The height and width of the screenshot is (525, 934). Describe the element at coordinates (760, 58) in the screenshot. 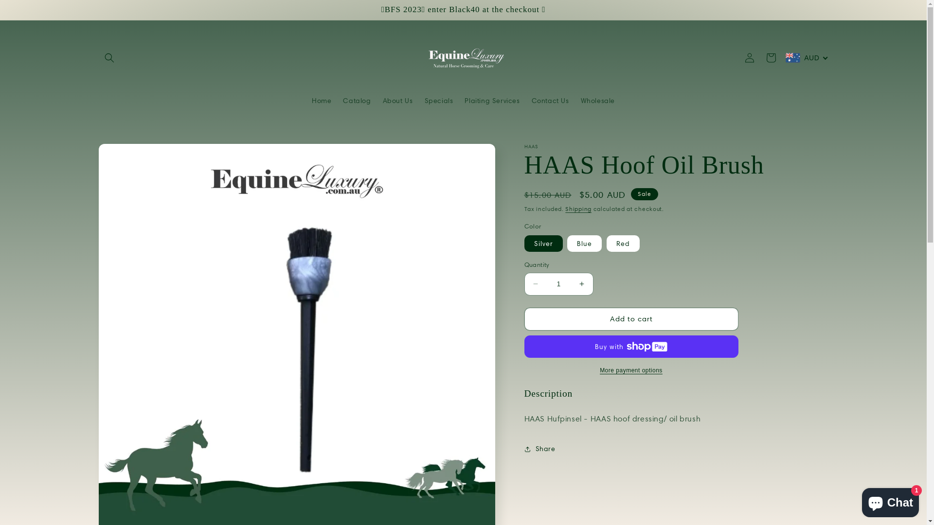

I see `'Cart'` at that location.